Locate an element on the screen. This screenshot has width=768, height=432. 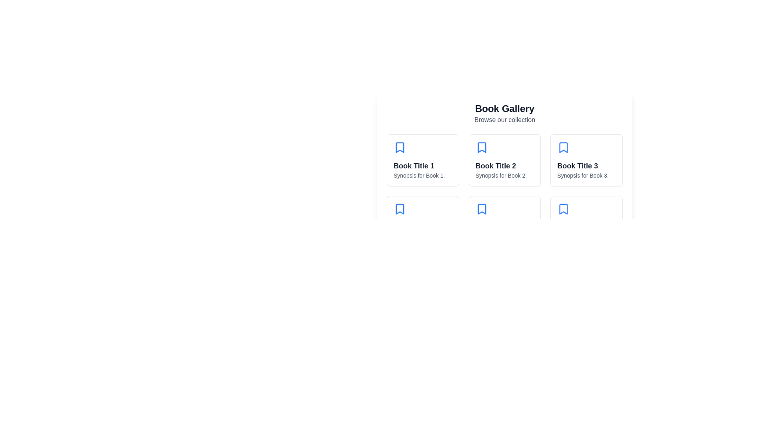
the icon located above the text 'Book Title 1' in the first card of the gallery grid is located at coordinates (400, 148).